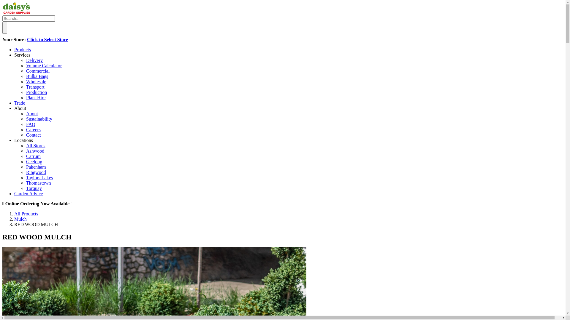 The width and height of the screenshot is (570, 320). I want to click on 'Thomastown', so click(38, 183).